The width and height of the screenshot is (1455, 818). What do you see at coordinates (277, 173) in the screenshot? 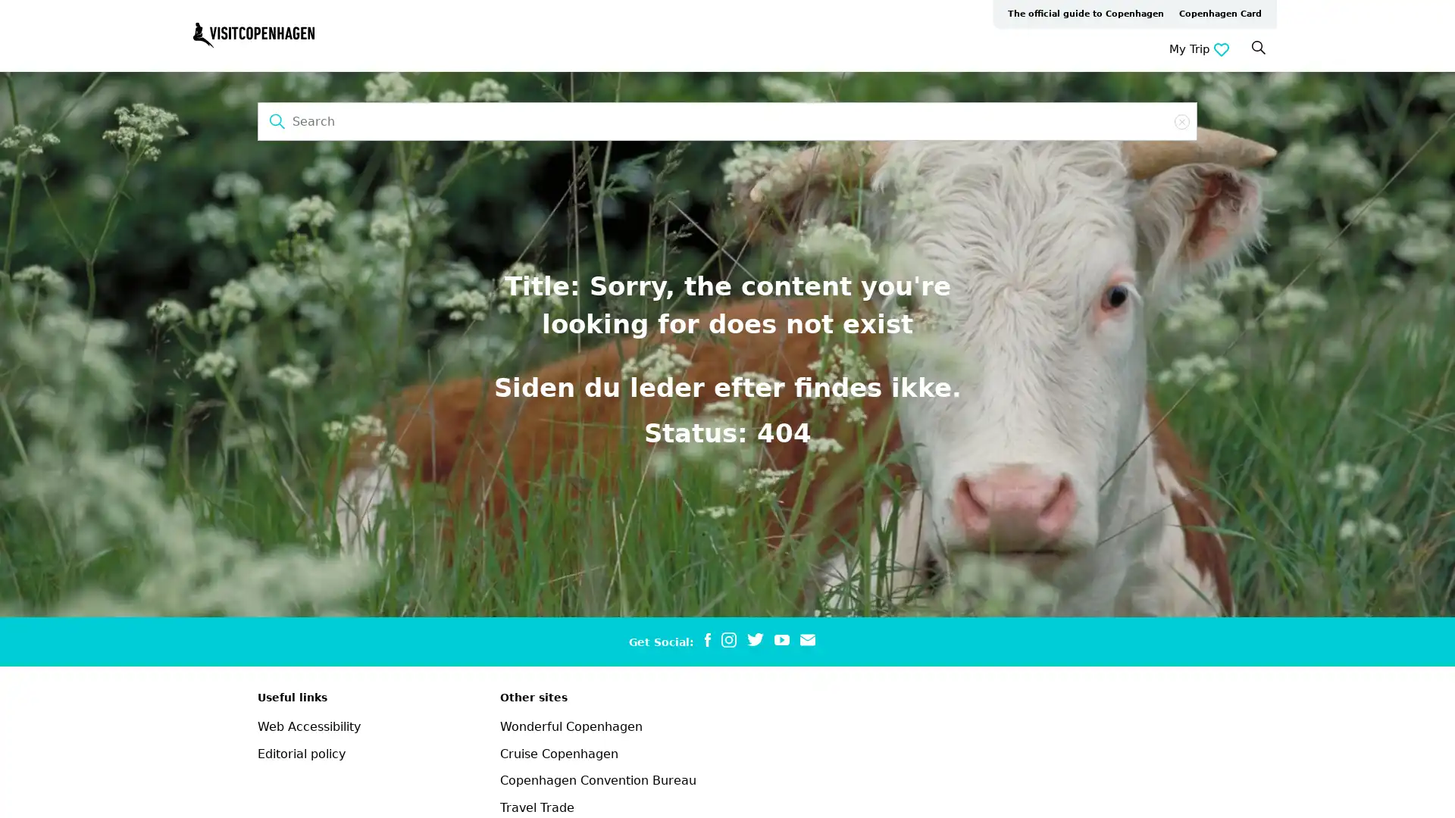
I see `Search` at bounding box center [277, 173].